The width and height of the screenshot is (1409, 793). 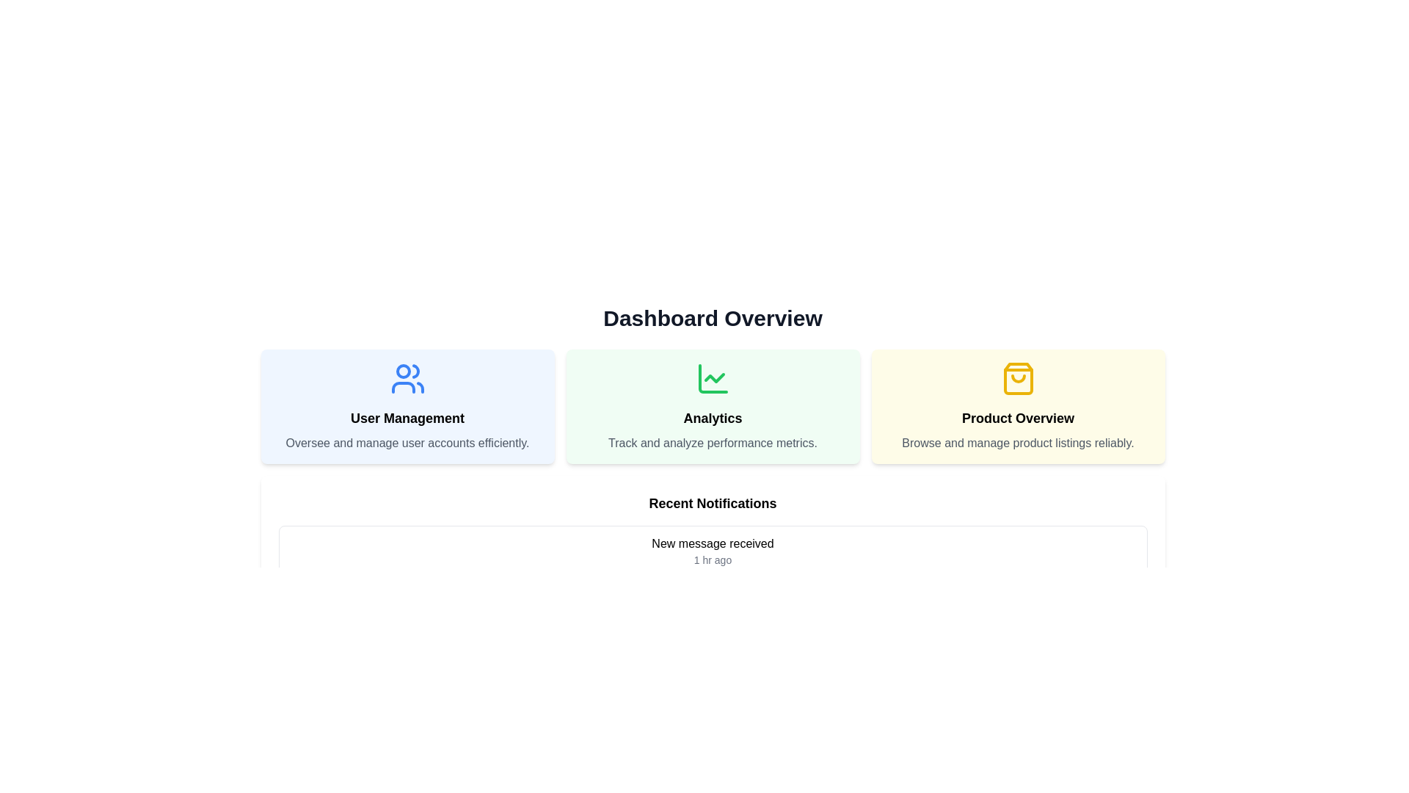 What do you see at coordinates (713, 560) in the screenshot?
I see `the text label displaying '1 hr ago' which is styled with a smaller gray font and positioned below 'New message received'` at bounding box center [713, 560].